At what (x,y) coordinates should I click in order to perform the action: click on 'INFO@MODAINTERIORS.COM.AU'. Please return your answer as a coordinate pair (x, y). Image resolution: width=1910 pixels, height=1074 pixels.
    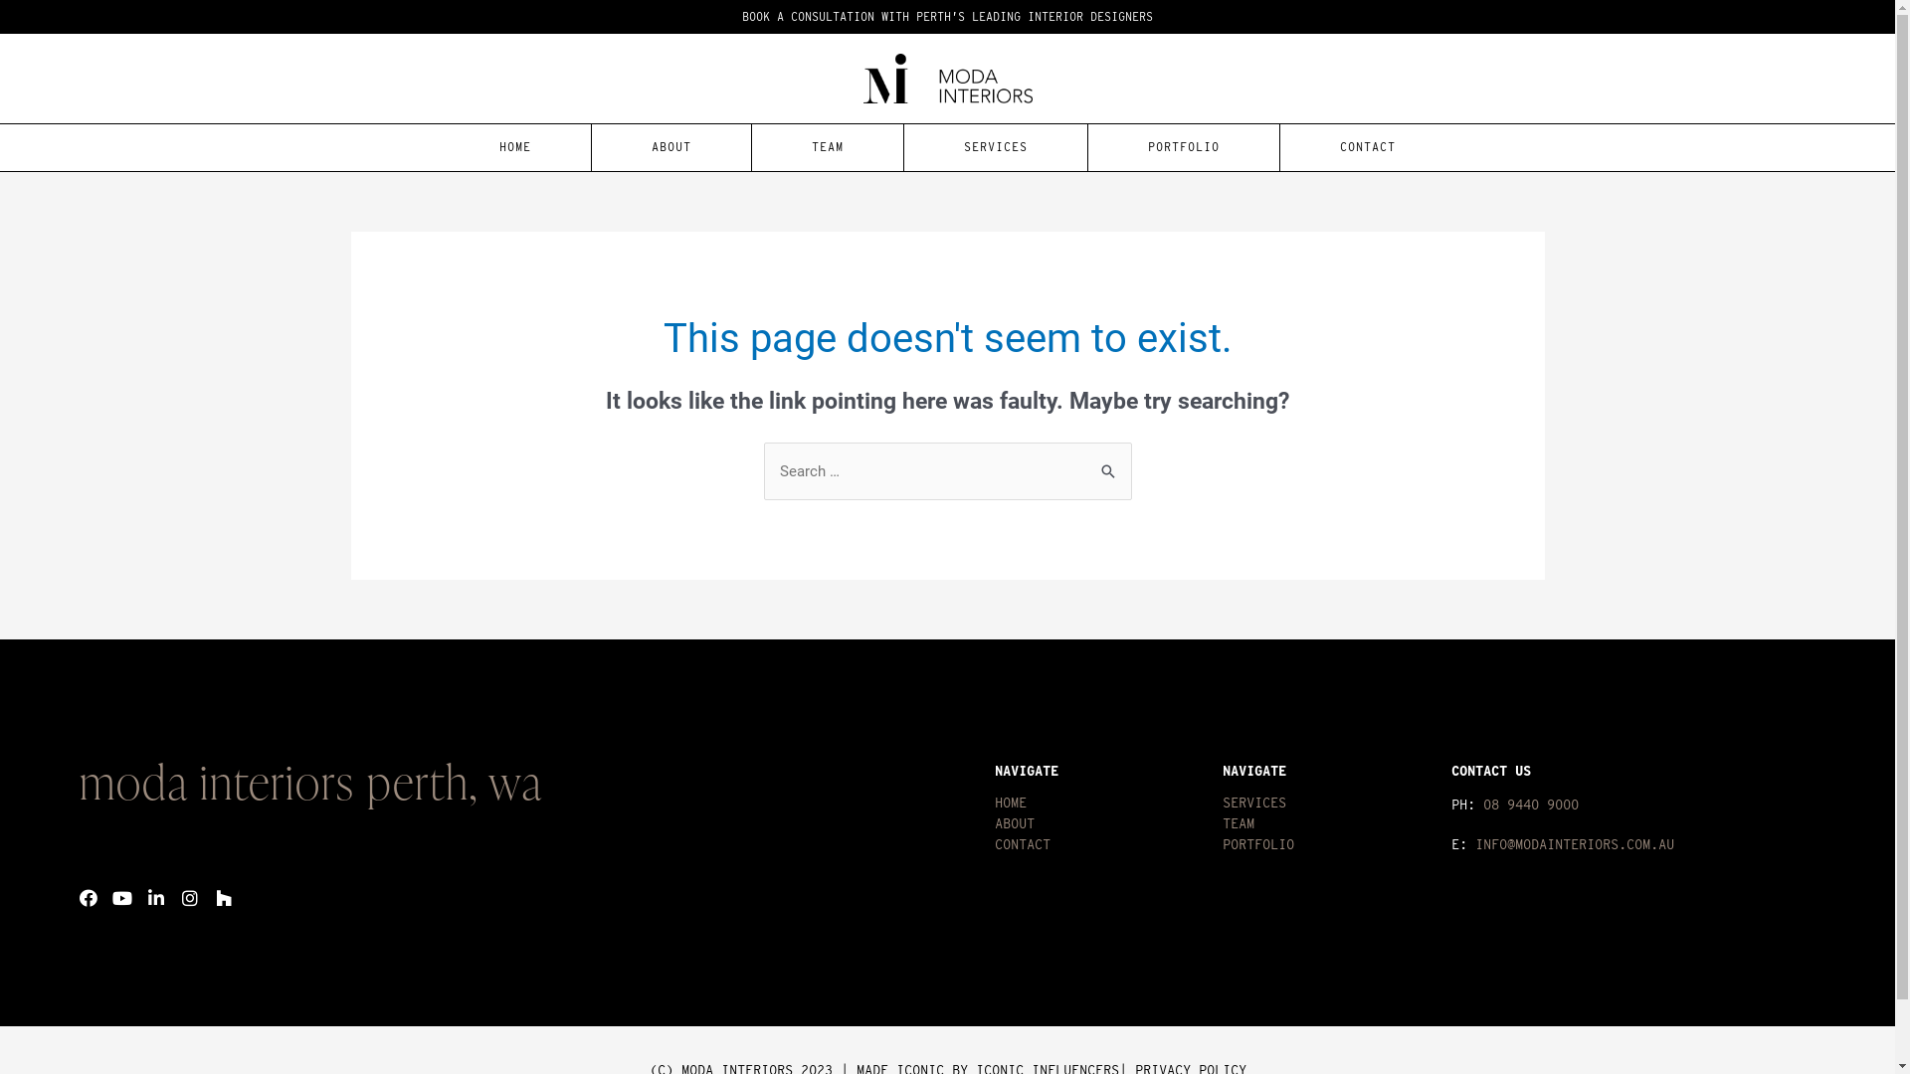
    Looking at the image, I should click on (1574, 843).